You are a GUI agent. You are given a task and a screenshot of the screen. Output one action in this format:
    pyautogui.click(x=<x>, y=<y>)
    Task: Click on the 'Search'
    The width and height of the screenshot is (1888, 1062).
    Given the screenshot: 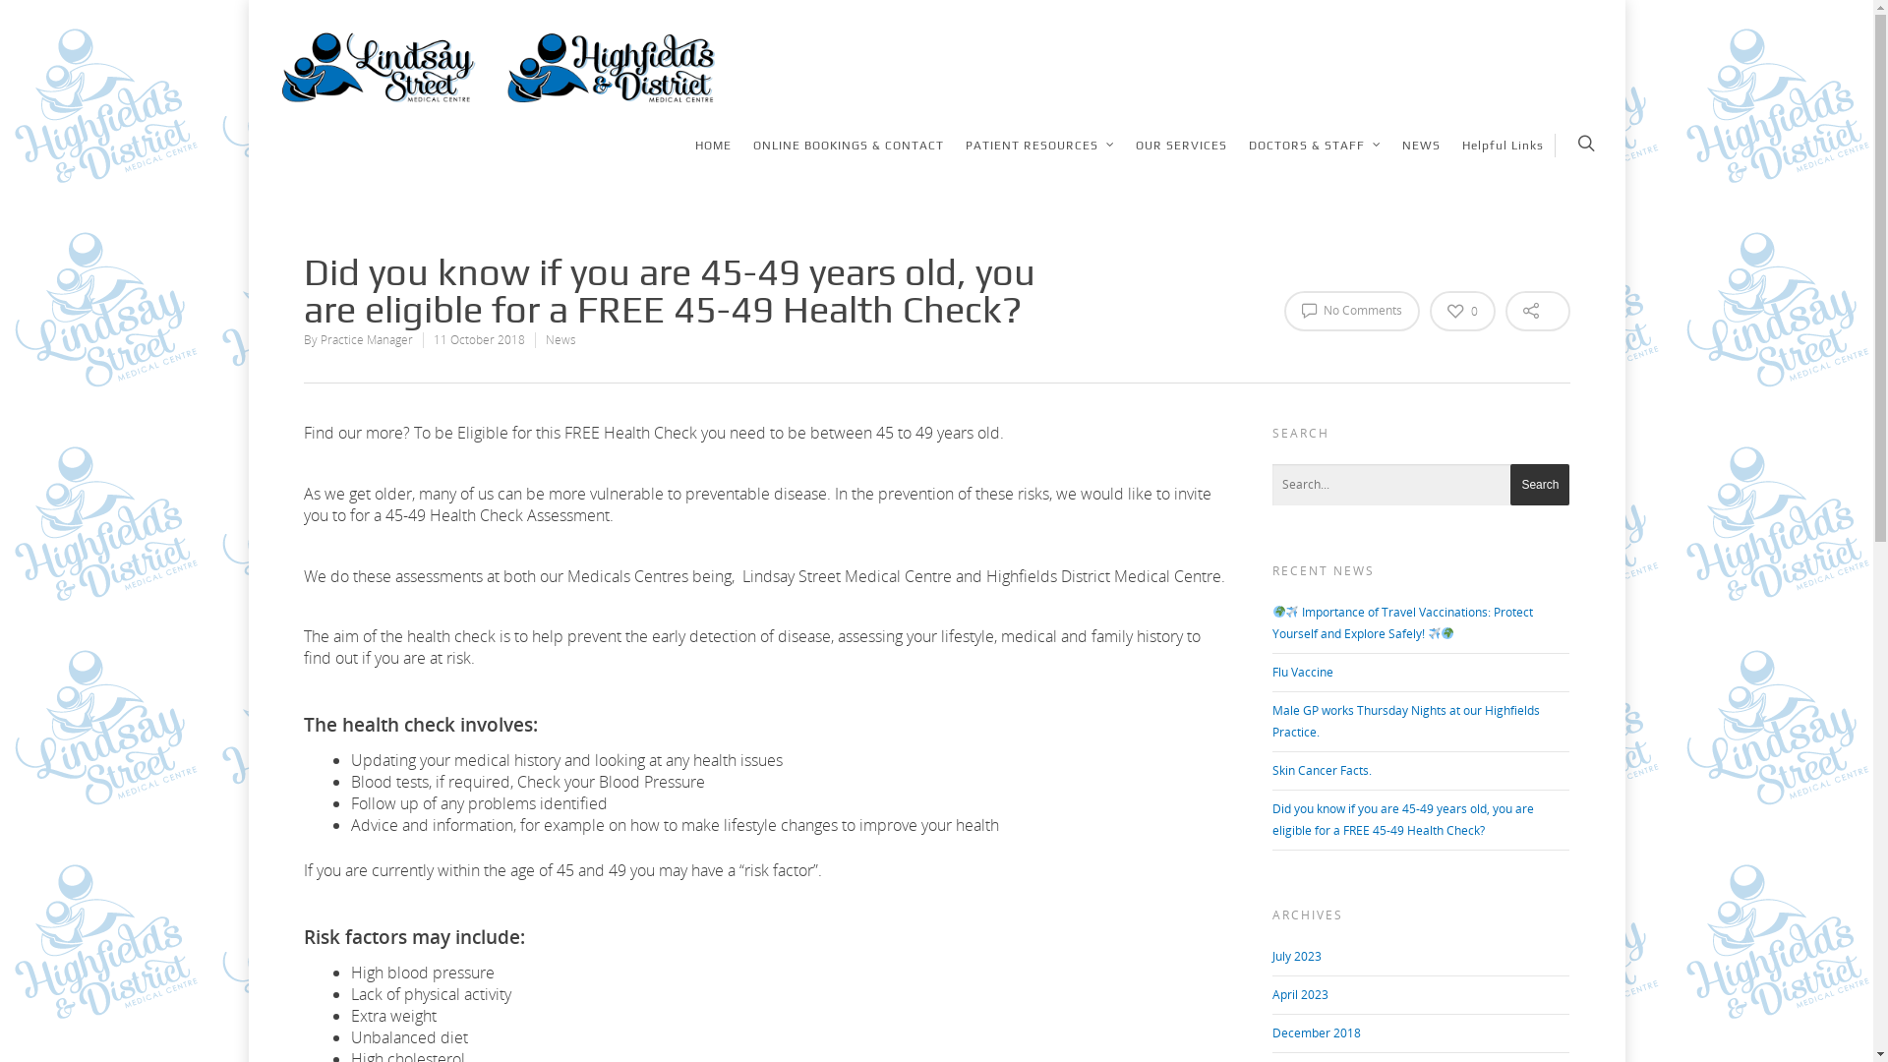 What is the action you would take?
    pyautogui.click(x=1538, y=485)
    